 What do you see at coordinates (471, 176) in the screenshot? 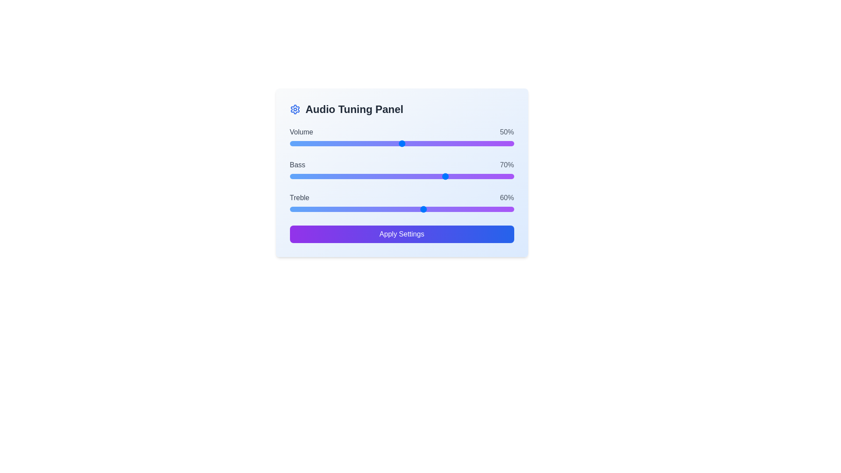
I see `bass level` at bounding box center [471, 176].